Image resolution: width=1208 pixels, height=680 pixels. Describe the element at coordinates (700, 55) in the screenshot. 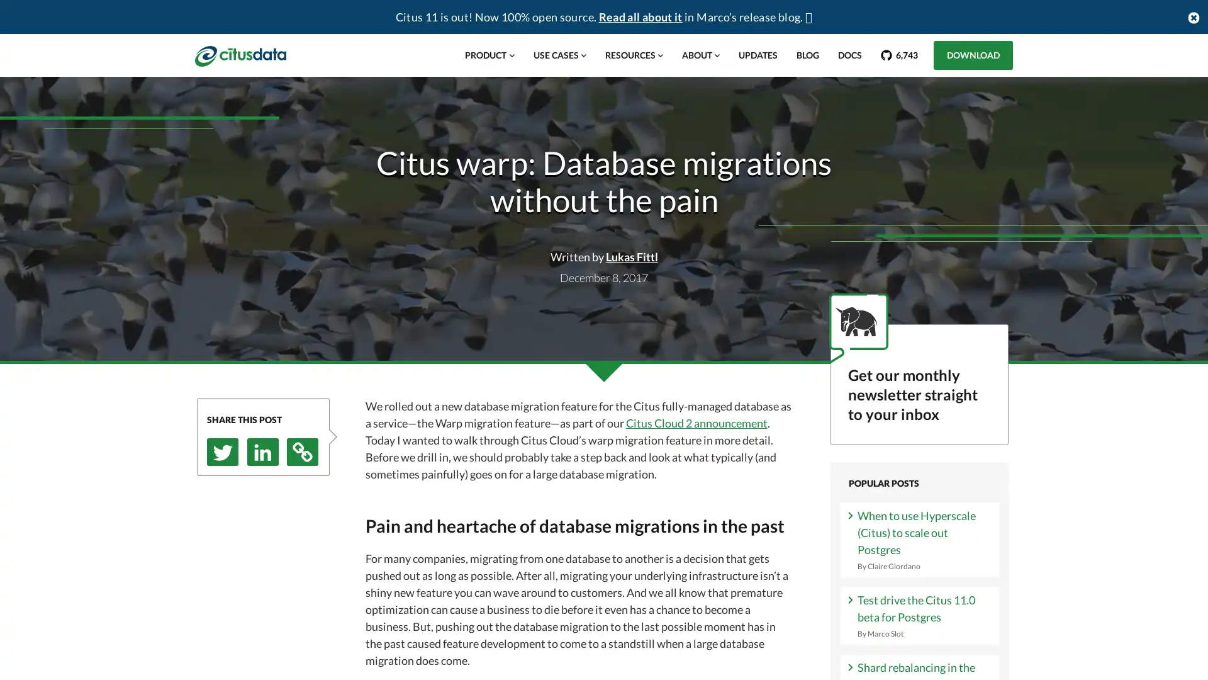

I see `ABOUT` at that location.